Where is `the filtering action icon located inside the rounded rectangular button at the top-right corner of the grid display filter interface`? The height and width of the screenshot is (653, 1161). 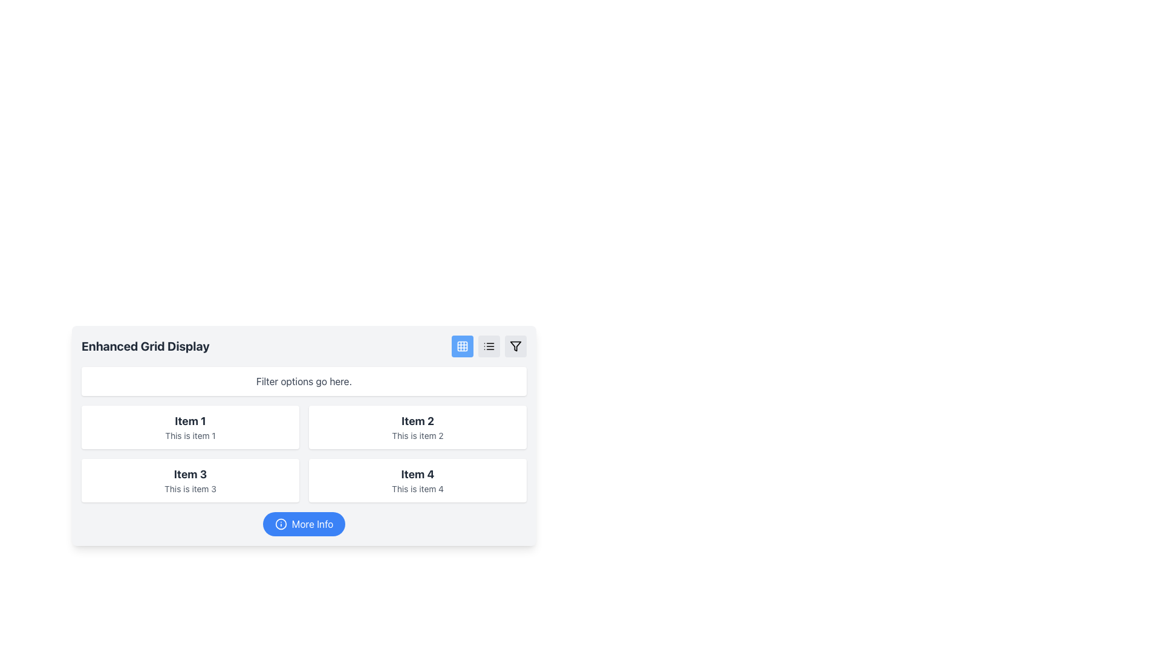 the filtering action icon located inside the rounded rectangular button at the top-right corner of the grid display filter interface is located at coordinates (516, 346).